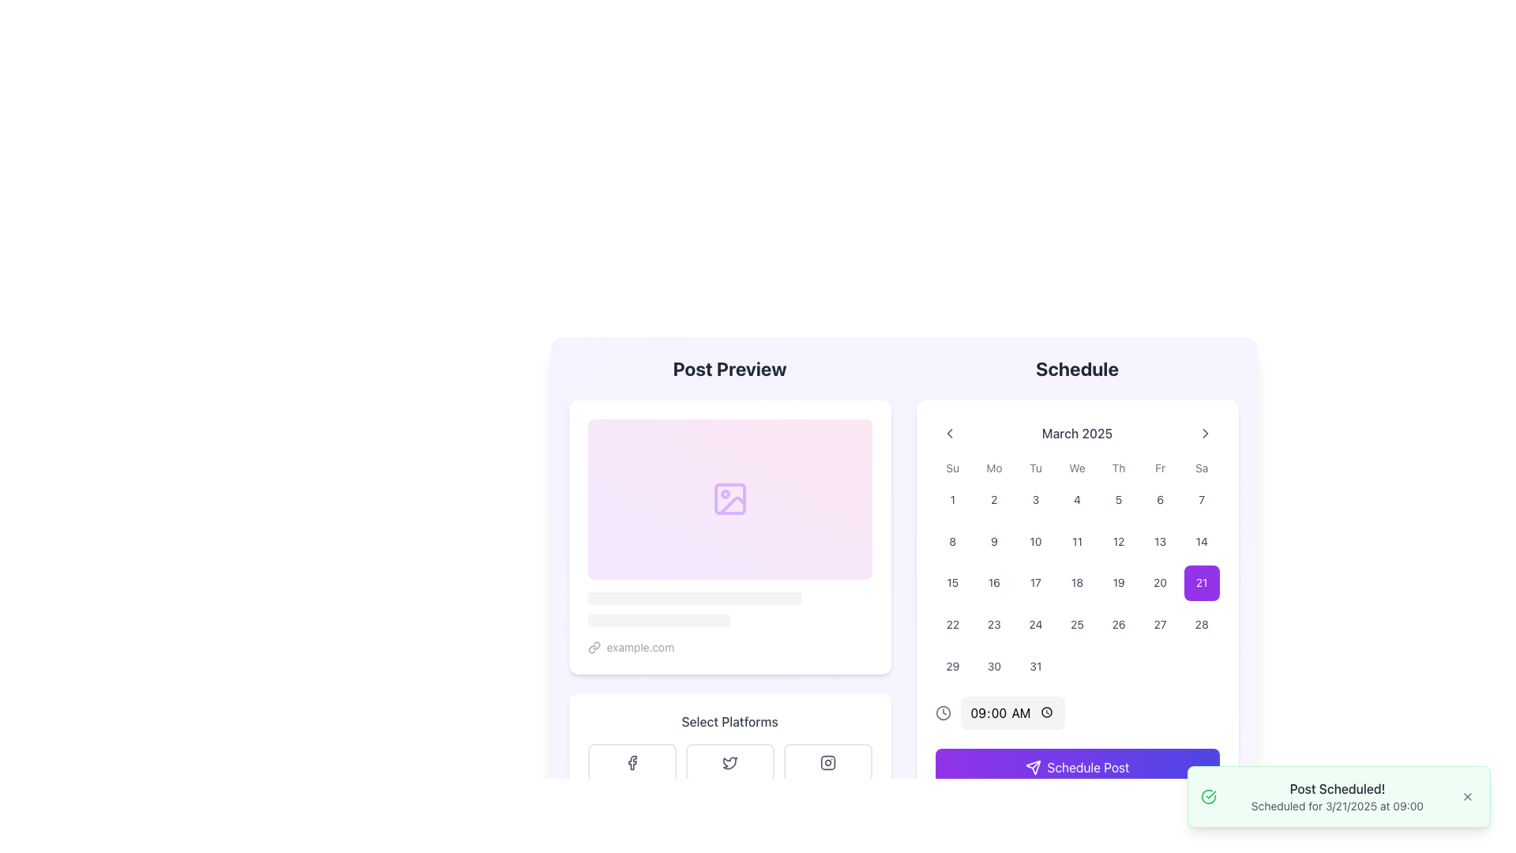  Describe the element at coordinates (1201, 468) in the screenshot. I see `the small text label displaying 'Sa' in gray color, which is the seventh item in the grid header representing Saturday` at that location.